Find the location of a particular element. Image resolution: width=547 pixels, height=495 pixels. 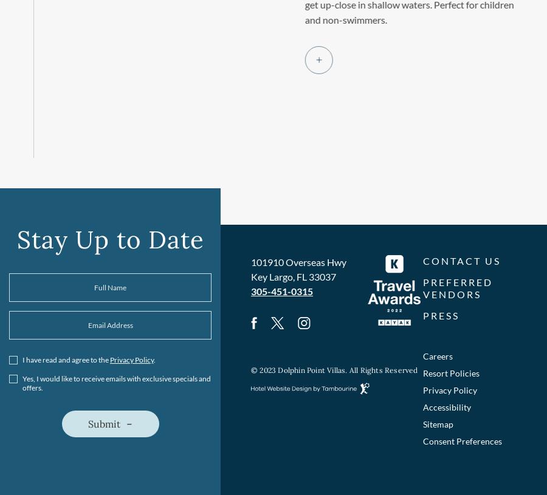

'Preferred Vendors' is located at coordinates (457, 288).